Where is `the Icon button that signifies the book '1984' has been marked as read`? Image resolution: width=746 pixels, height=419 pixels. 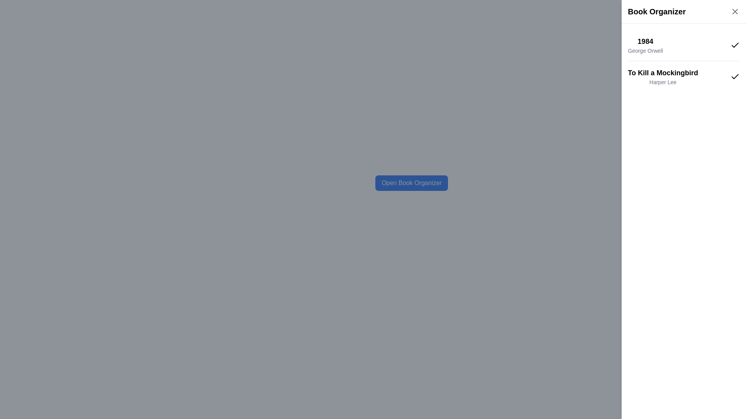
the Icon button that signifies the book '1984' has been marked as read is located at coordinates (734, 45).